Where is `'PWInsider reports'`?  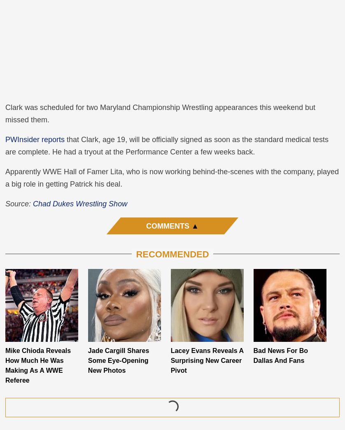
'PWInsider reports' is located at coordinates (35, 139).